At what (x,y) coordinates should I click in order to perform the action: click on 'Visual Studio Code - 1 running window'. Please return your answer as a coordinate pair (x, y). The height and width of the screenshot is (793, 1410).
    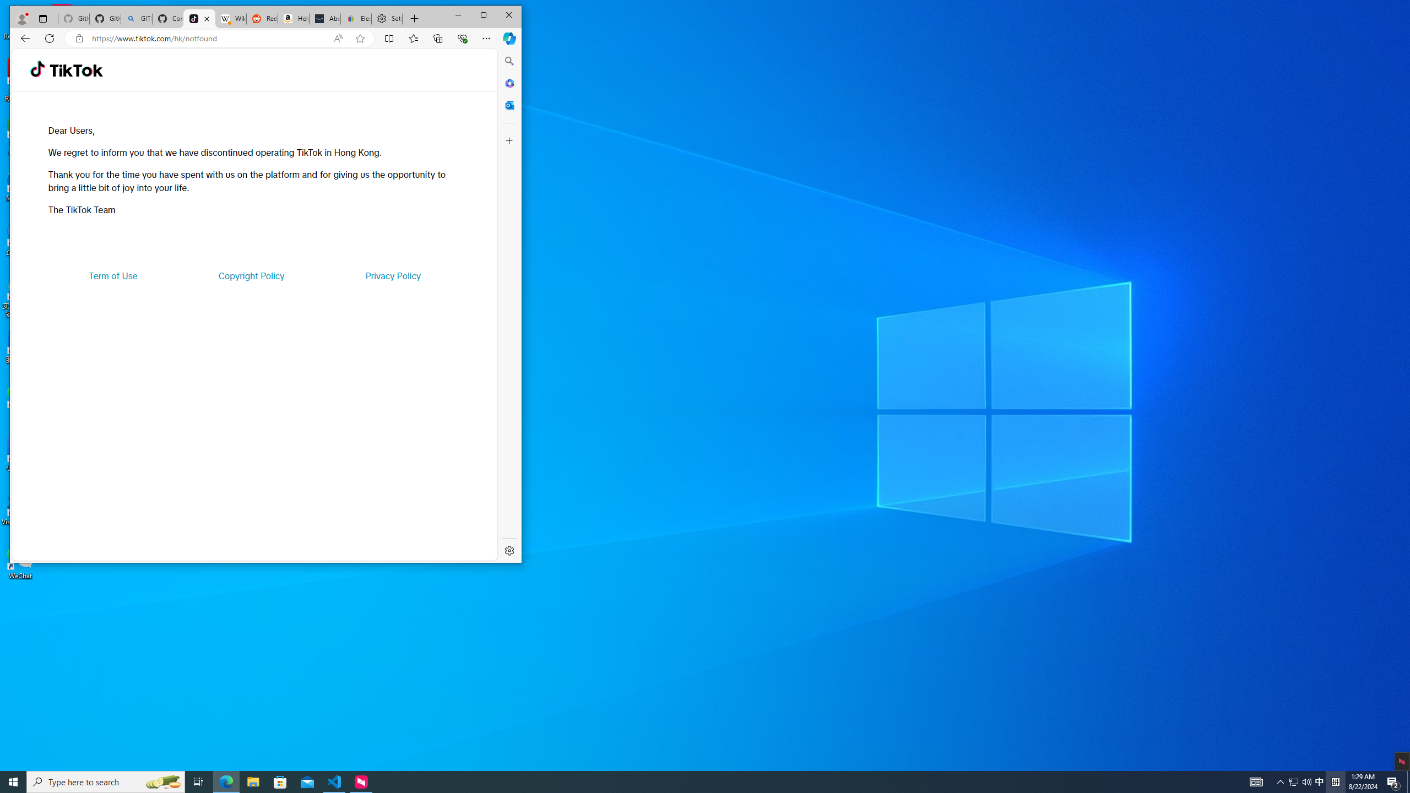
    Looking at the image, I should click on (334, 781).